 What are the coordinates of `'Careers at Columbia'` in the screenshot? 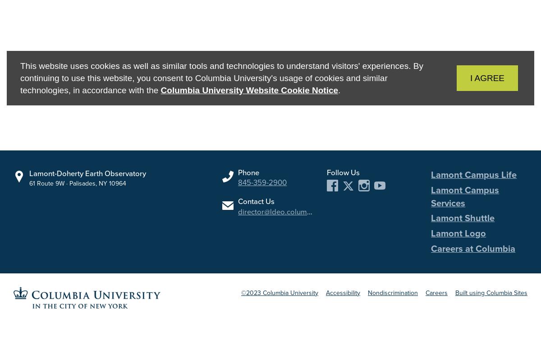 It's located at (473, 247).